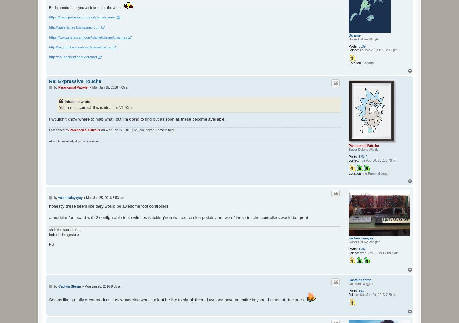  I want to click on 'I wouldn't know where to map what, but I'm going to find out as soon as these become available.', so click(48, 119).